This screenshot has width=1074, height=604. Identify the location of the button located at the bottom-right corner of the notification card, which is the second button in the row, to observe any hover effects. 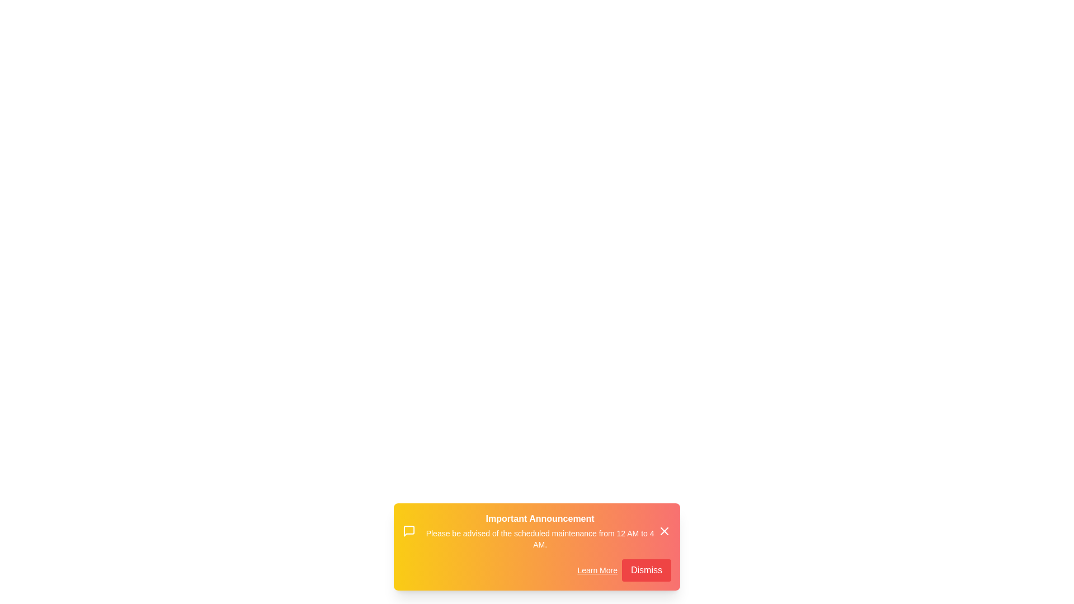
(647, 570).